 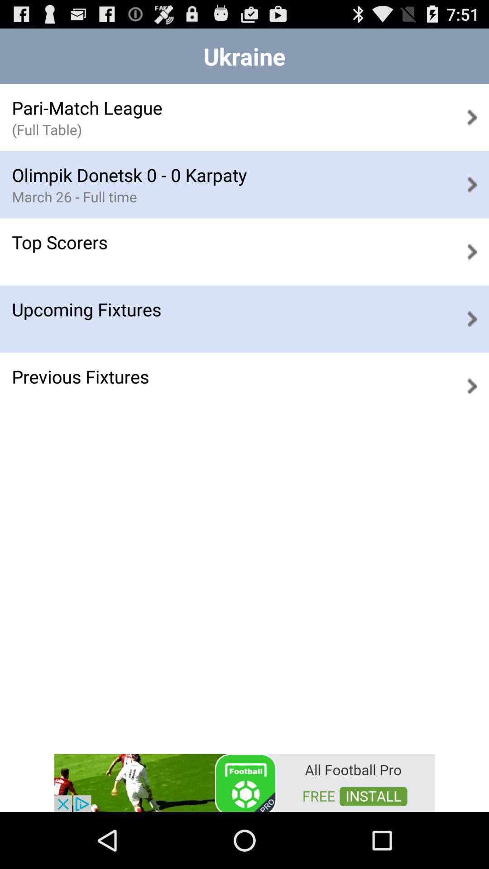 I want to click on advertisement, so click(x=244, y=782).